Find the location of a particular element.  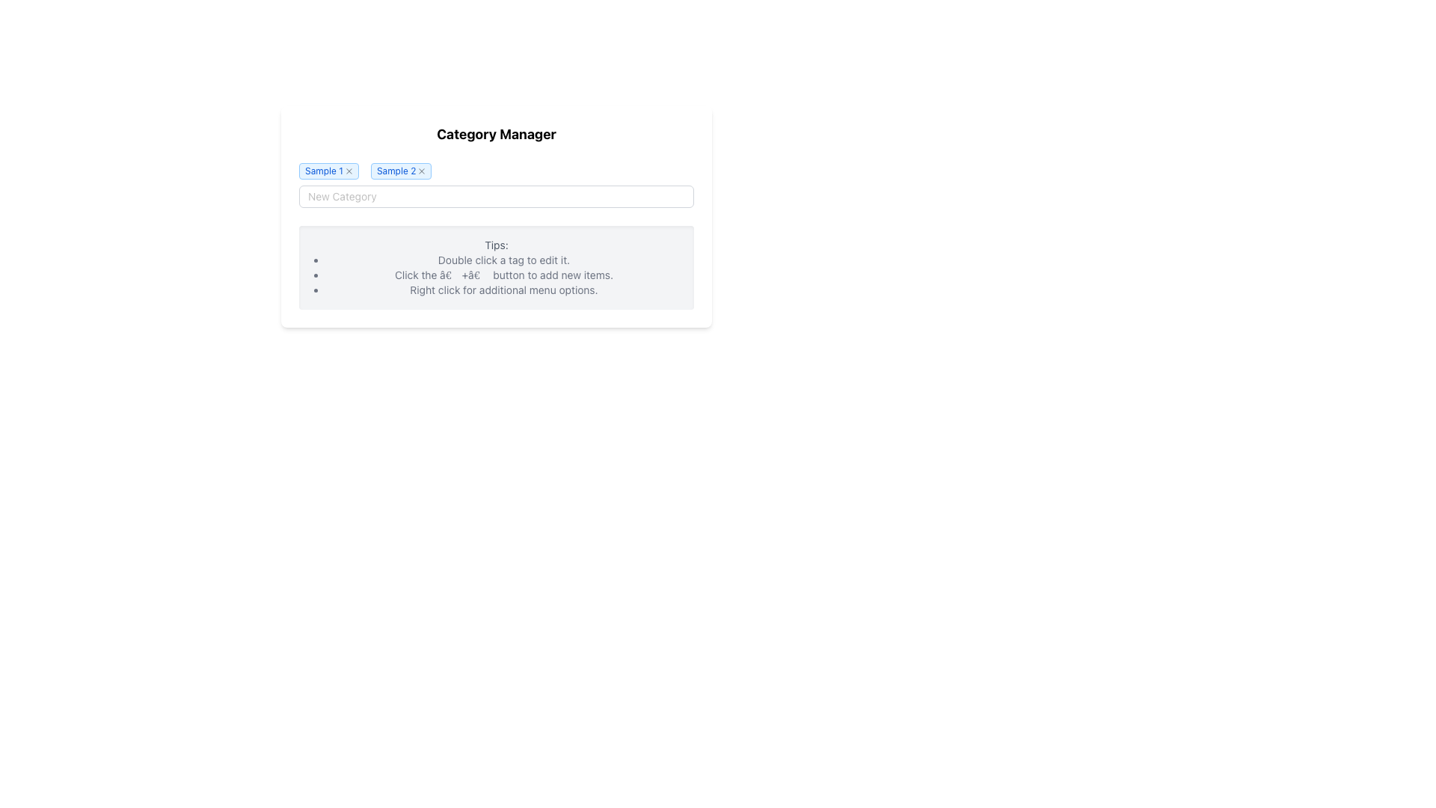

the static text element that reads 'Click the “+” button to add new items.', which is the second item in the vertical list of instructional text under the 'Tips:' section is located at coordinates (503, 275).